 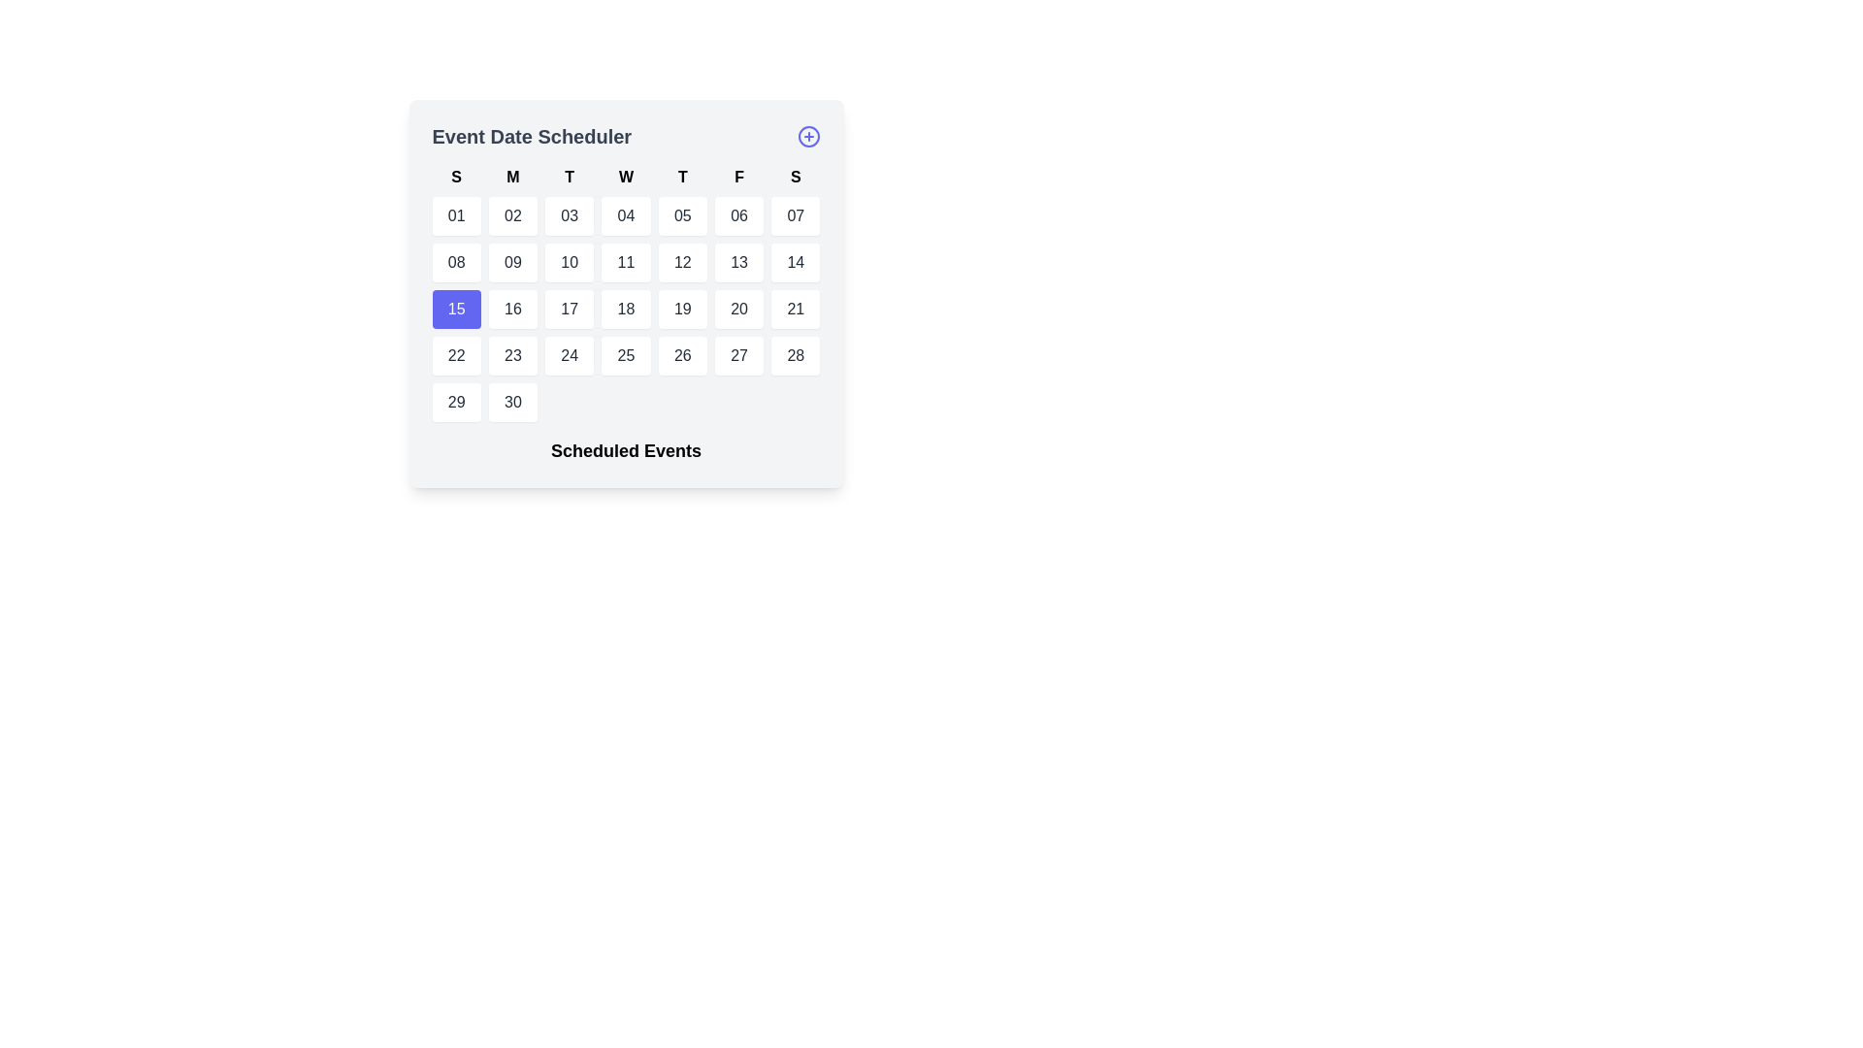 I want to click on the rectangular button with a white background, shadowed edges, and the text '08' in black, located in the second row and first column of the calendar layout, so click(x=455, y=262).